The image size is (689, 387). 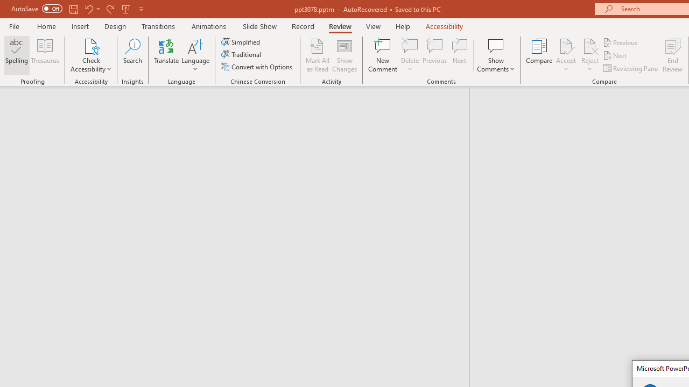 What do you see at coordinates (410, 55) in the screenshot?
I see `'Delete'` at bounding box center [410, 55].